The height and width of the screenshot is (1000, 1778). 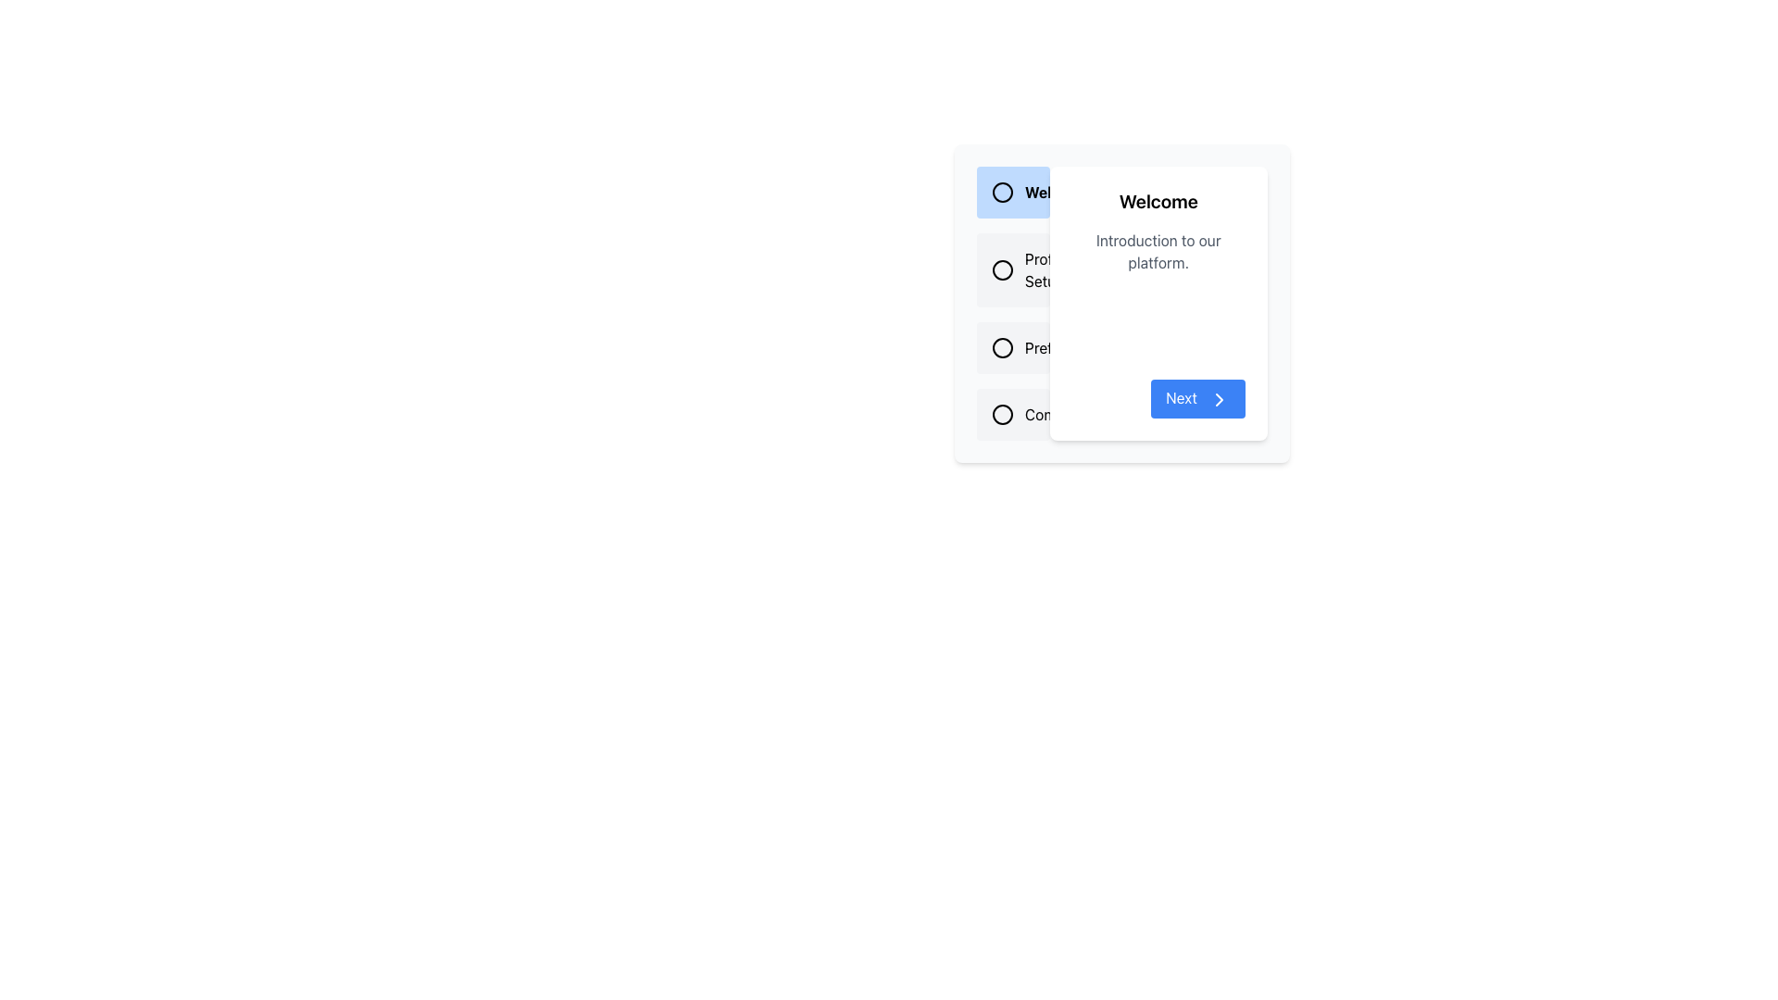 I want to click on the first radio button in the vertical list of options in the sidebar, so click(x=1012, y=193).